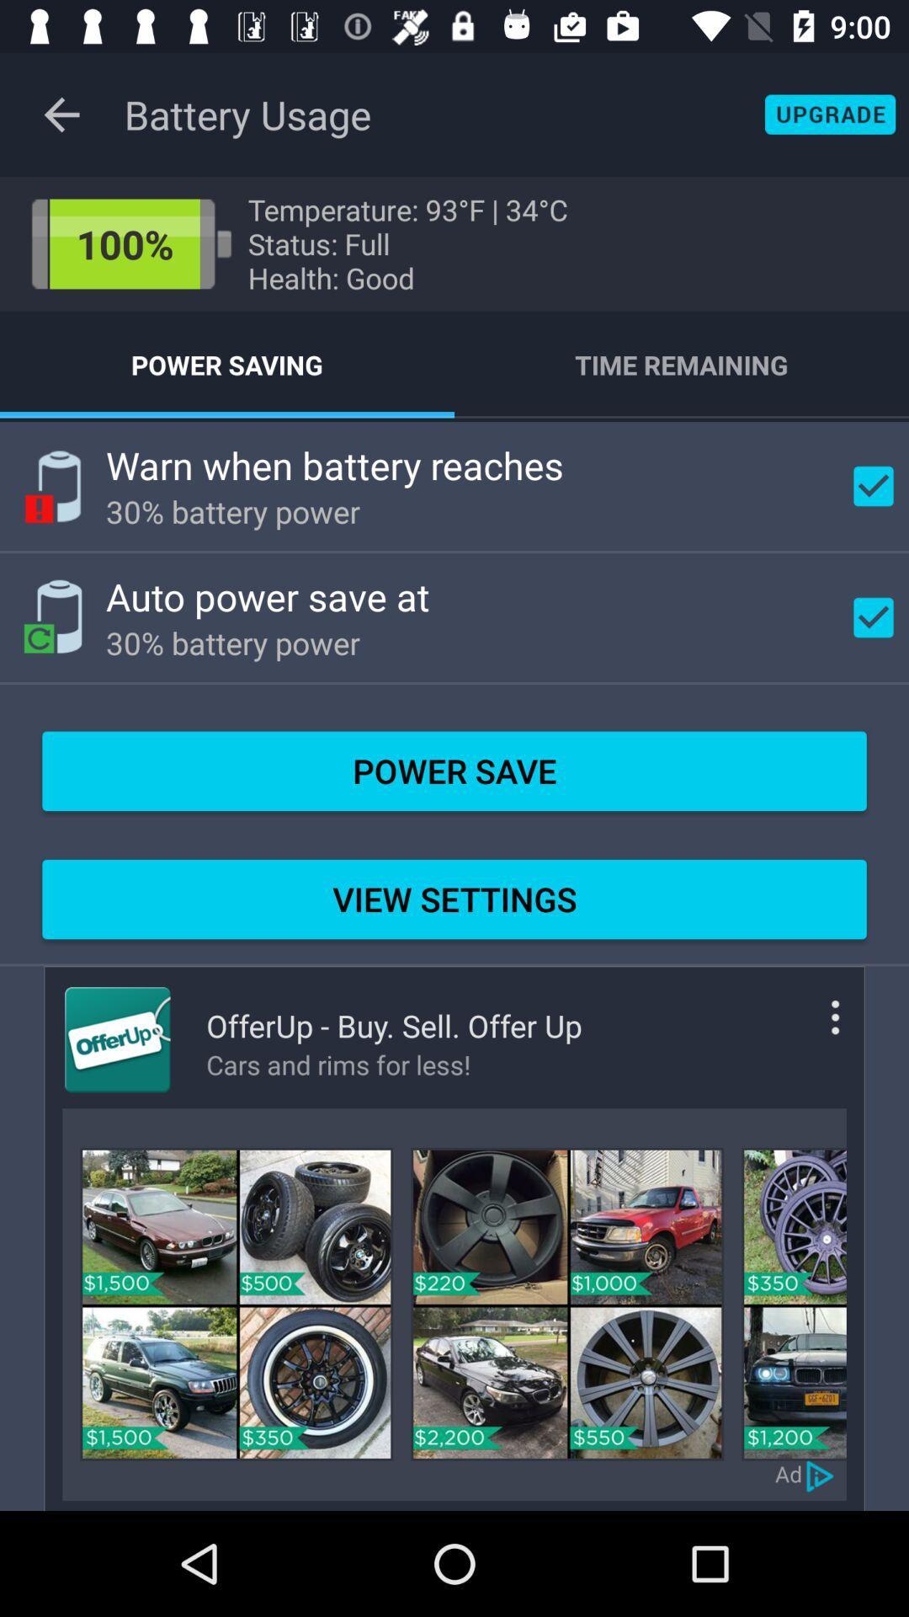 The width and height of the screenshot is (909, 1617). What do you see at coordinates (61, 114) in the screenshot?
I see `go back` at bounding box center [61, 114].